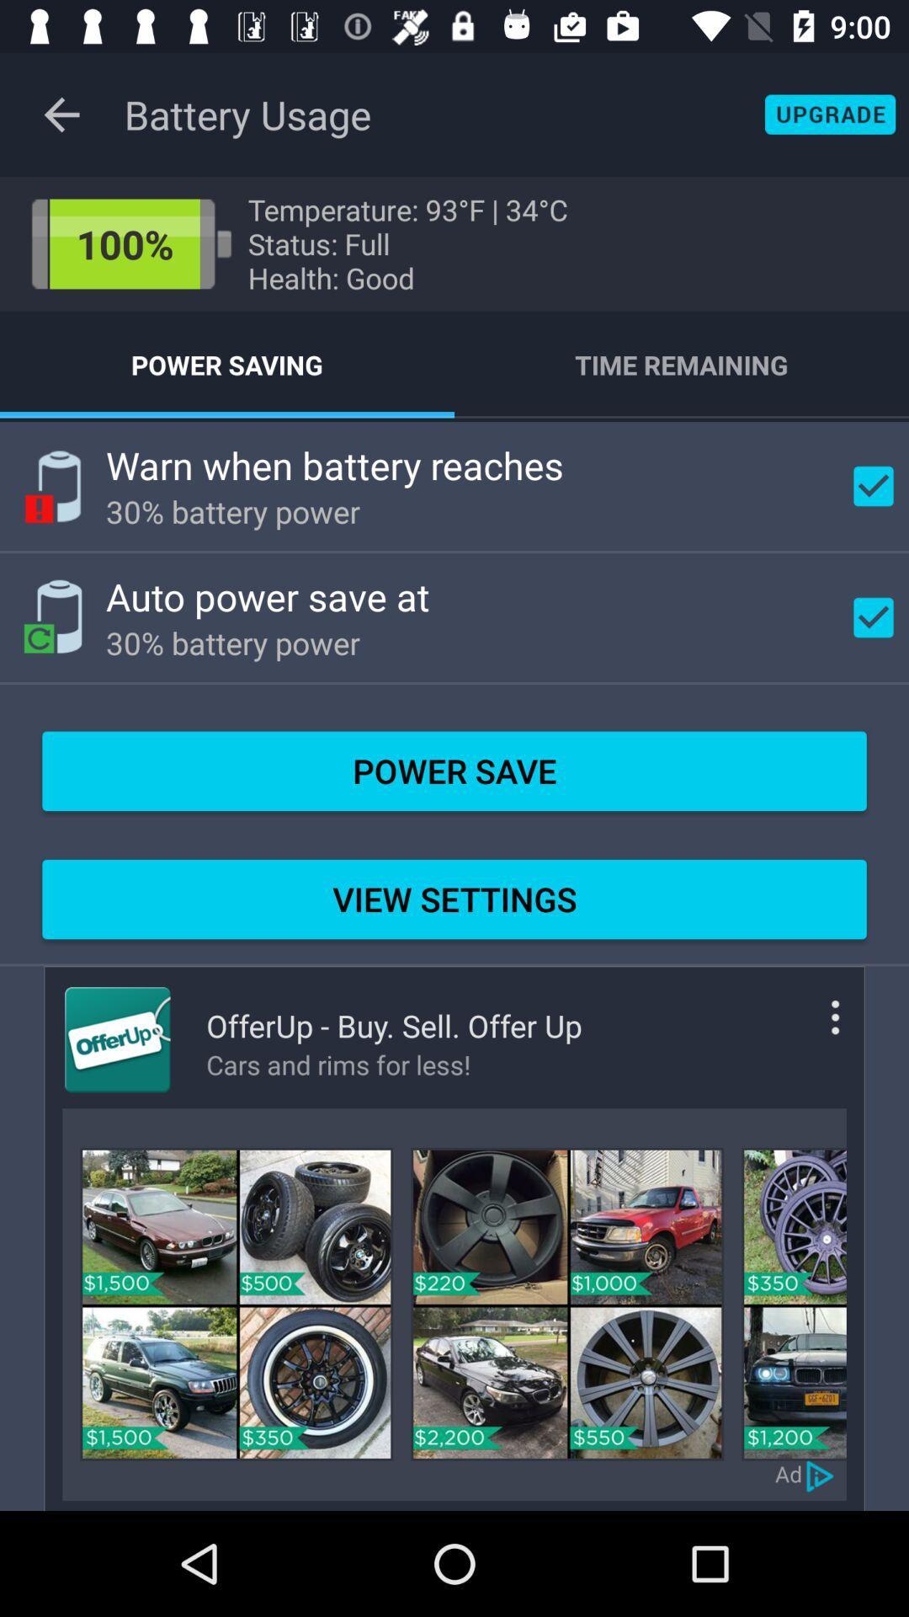 The width and height of the screenshot is (909, 1617). What do you see at coordinates (61, 114) in the screenshot?
I see `go back` at bounding box center [61, 114].